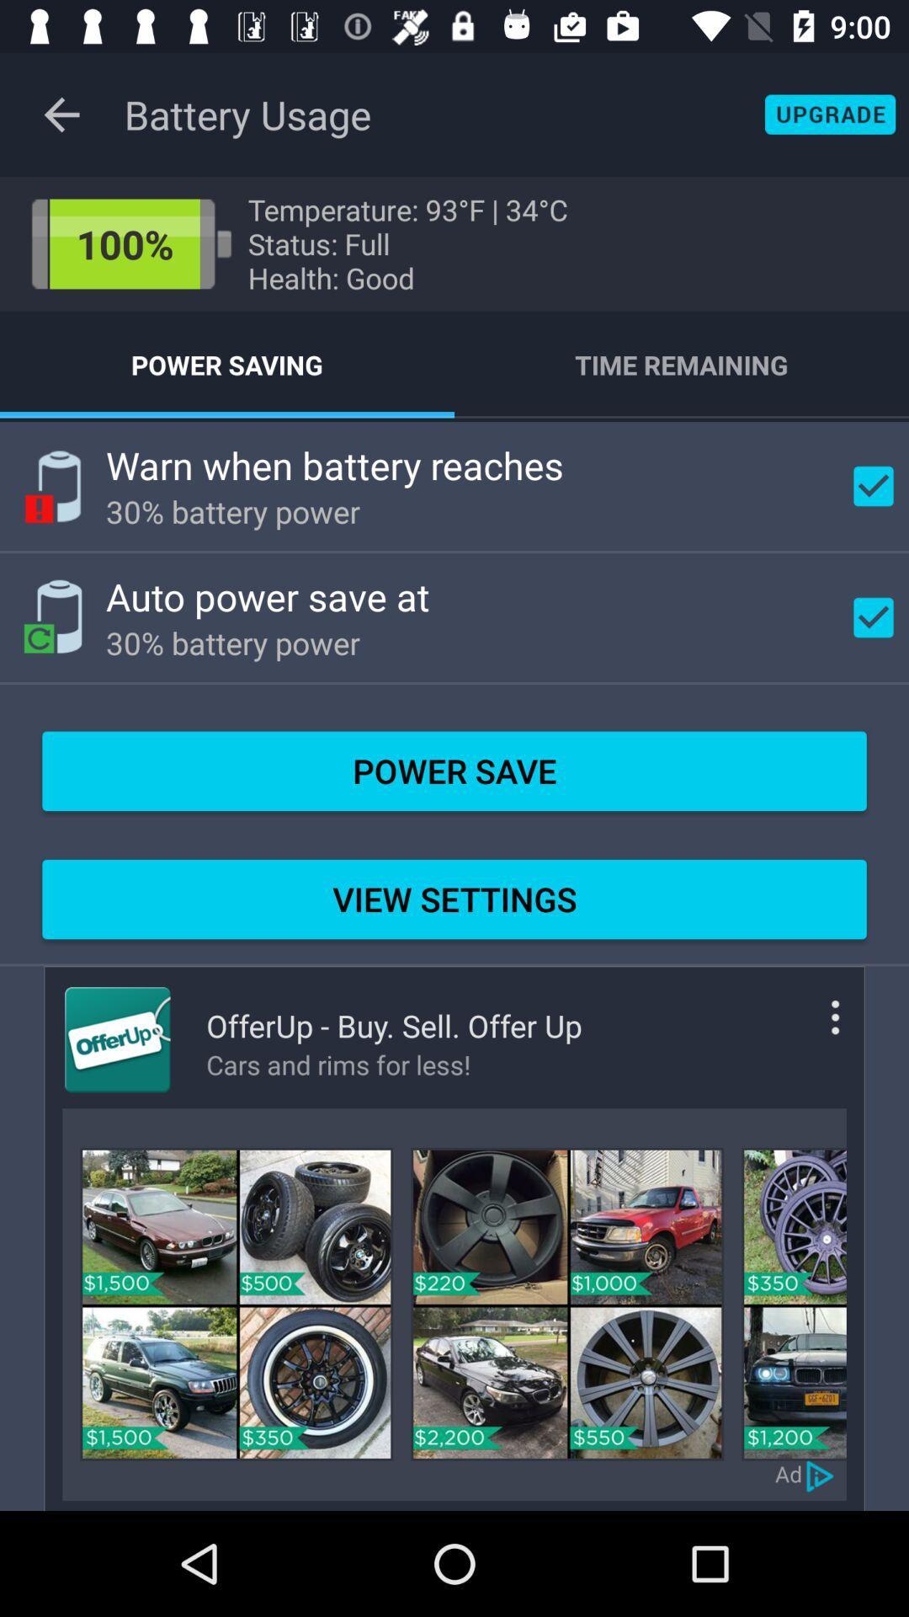 The width and height of the screenshot is (909, 1617). What do you see at coordinates (61, 114) in the screenshot?
I see `go back` at bounding box center [61, 114].